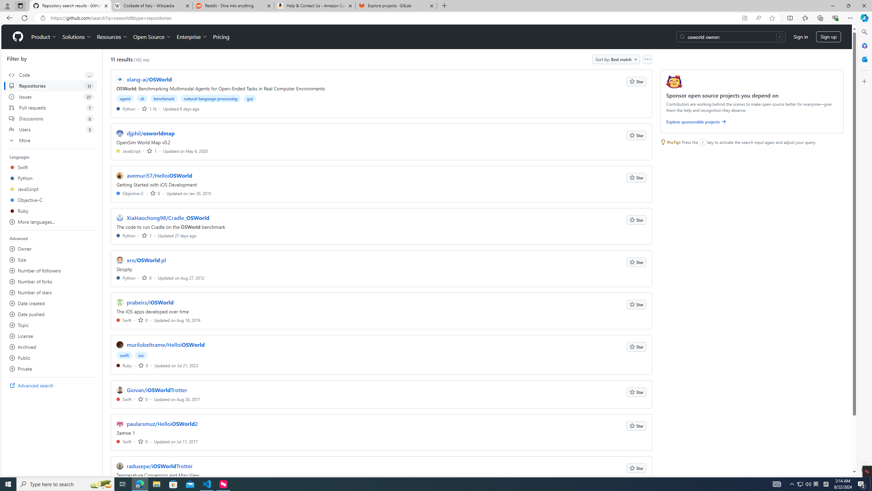 The height and width of the screenshot is (491, 872). Describe the element at coordinates (149, 79) in the screenshot. I see `'xlang-ai/OSWorld'` at that location.